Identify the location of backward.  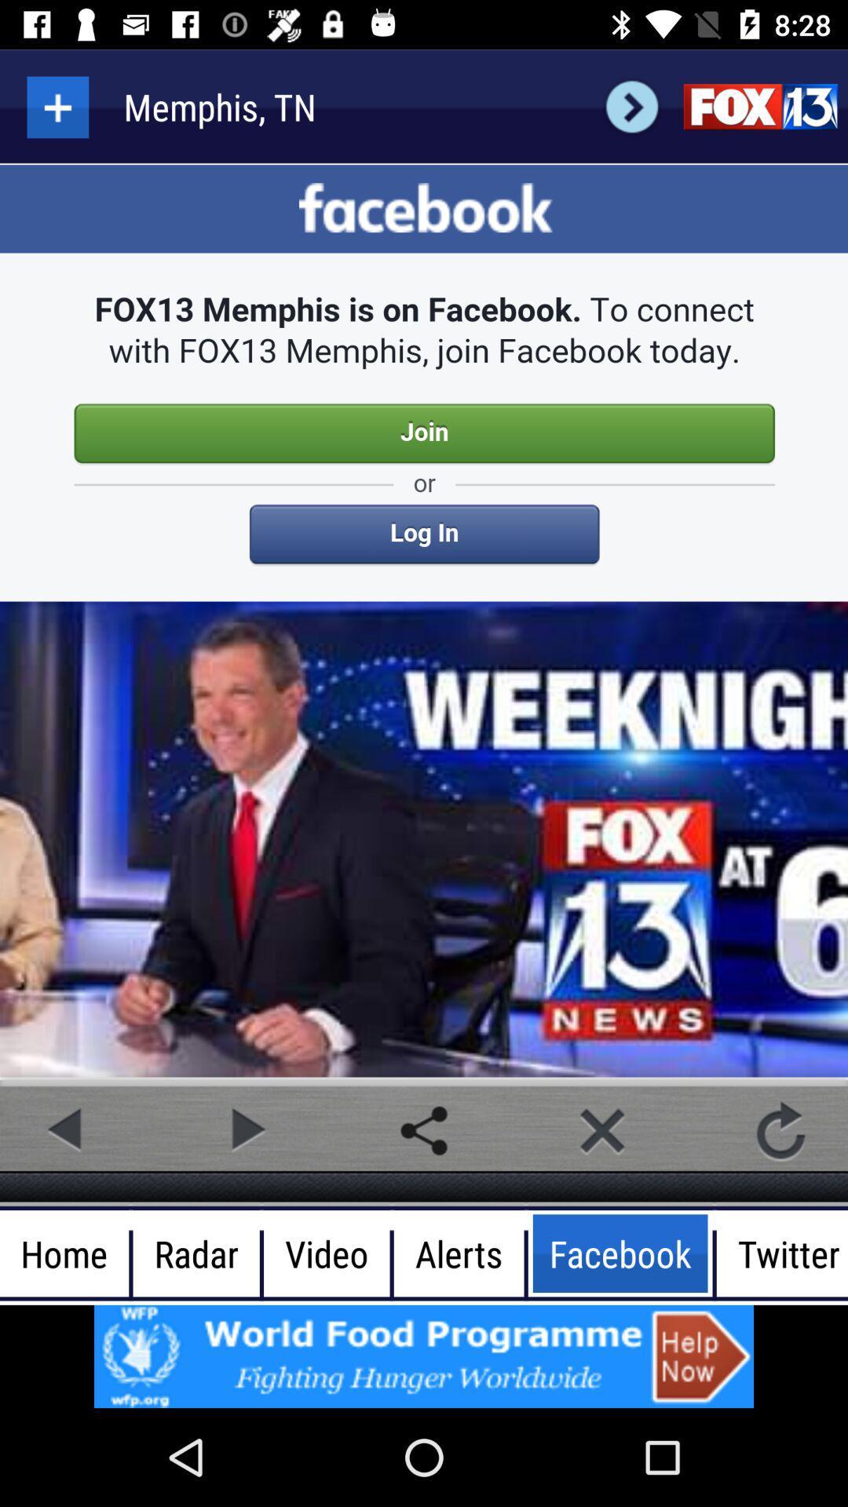
(245, 1130).